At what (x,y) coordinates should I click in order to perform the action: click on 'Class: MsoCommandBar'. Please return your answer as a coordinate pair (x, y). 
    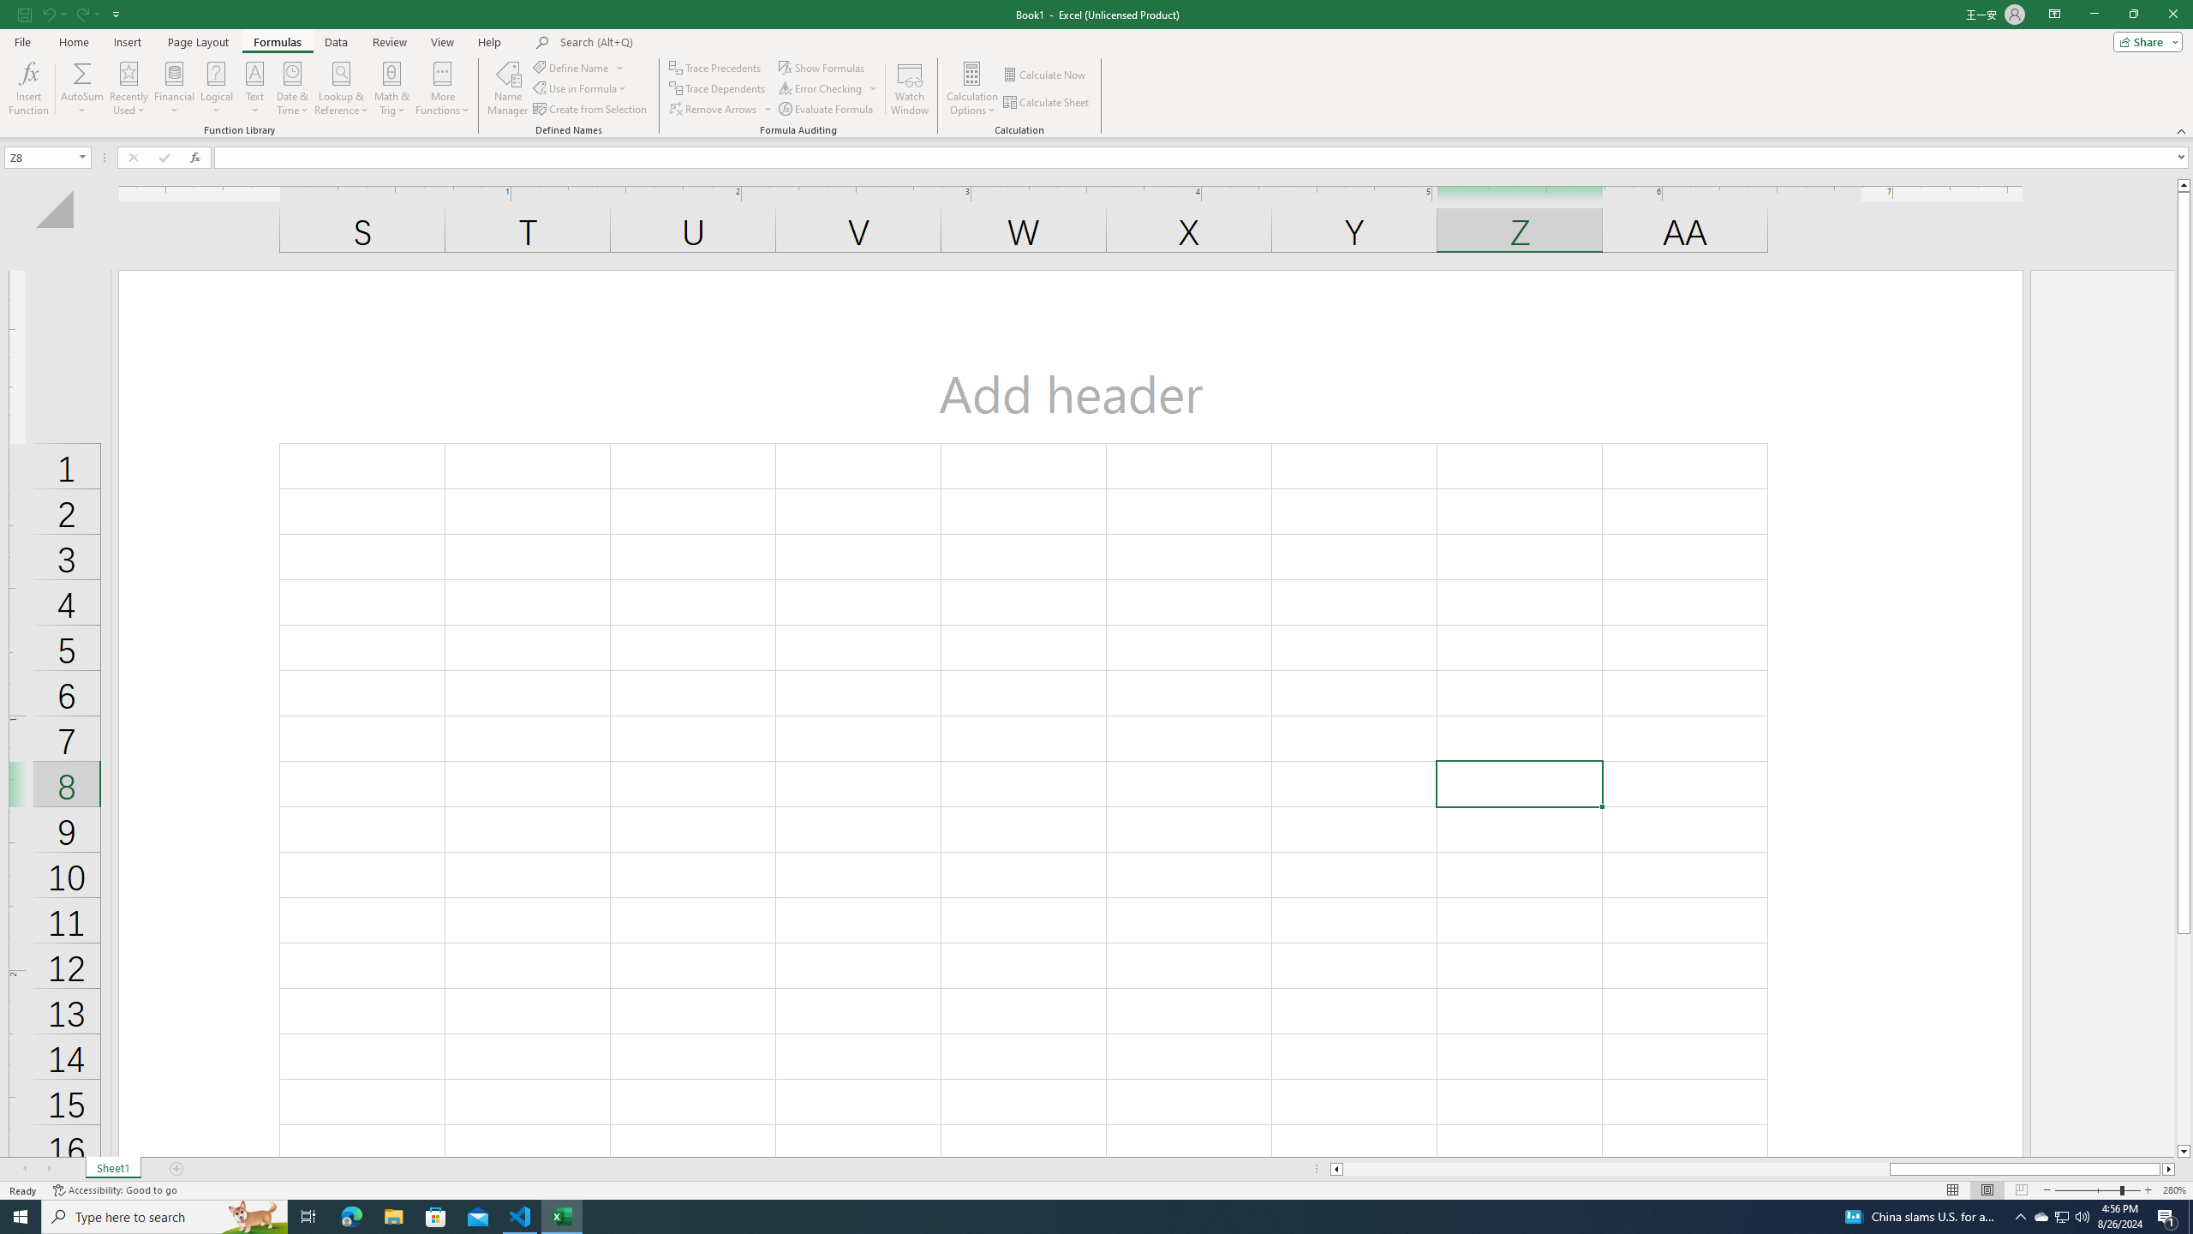
    Looking at the image, I should click on (1096, 69).